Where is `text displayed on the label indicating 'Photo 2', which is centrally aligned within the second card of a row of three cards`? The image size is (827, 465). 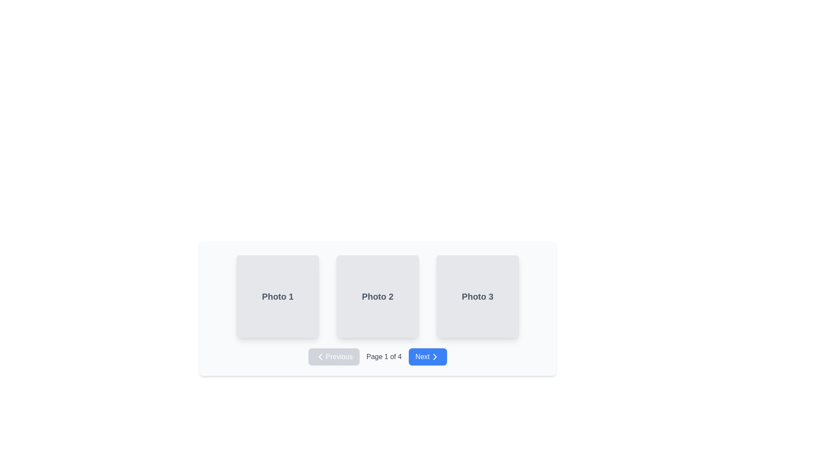
text displayed on the label indicating 'Photo 2', which is centrally aligned within the second card of a row of three cards is located at coordinates (378, 296).